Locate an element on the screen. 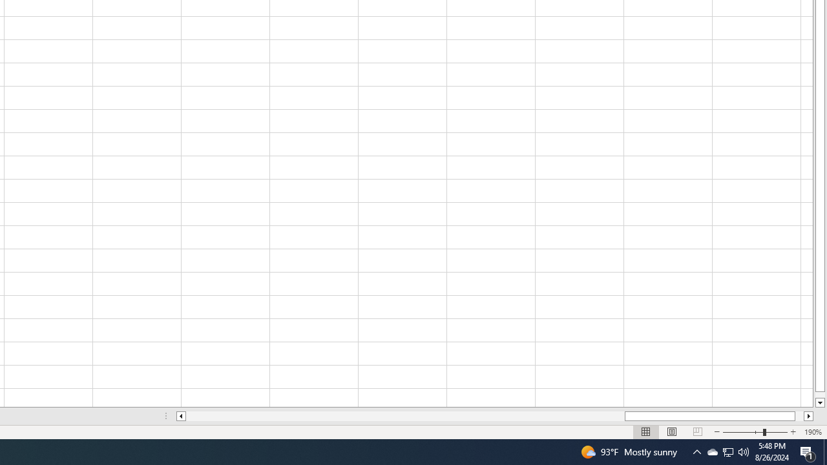 Image resolution: width=827 pixels, height=465 pixels. 'Column left' is located at coordinates (180, 416).